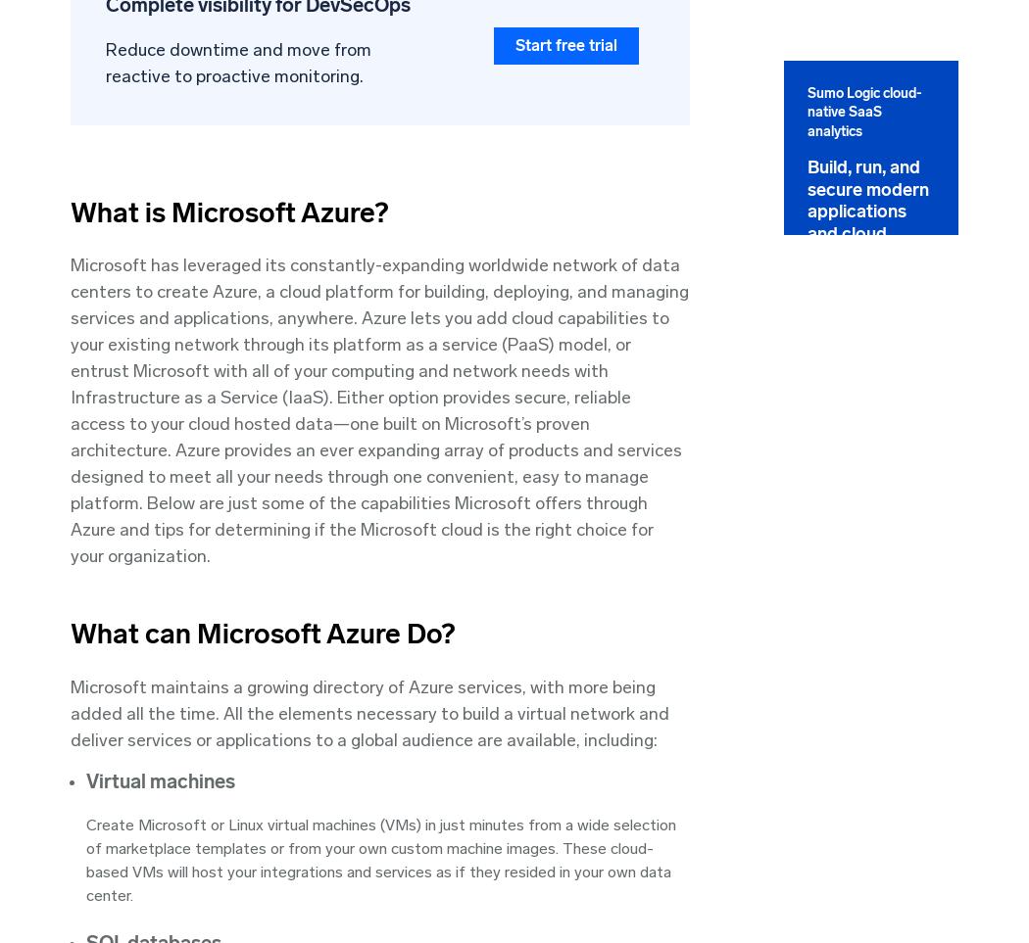  I want to click on 'GCP Monitoring', so click(748, 475).